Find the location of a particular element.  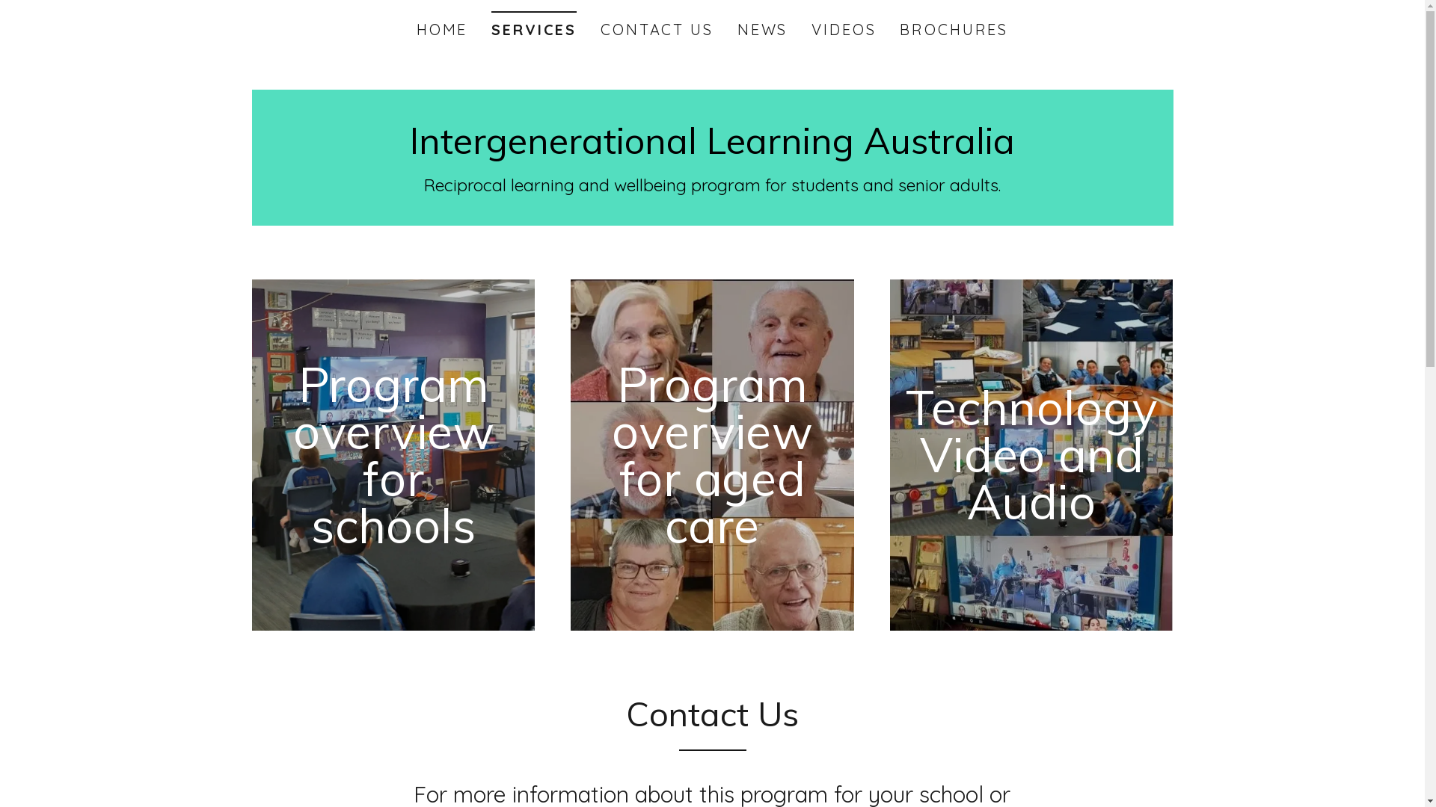

'NEWS' is located at coordinates (732, 29).